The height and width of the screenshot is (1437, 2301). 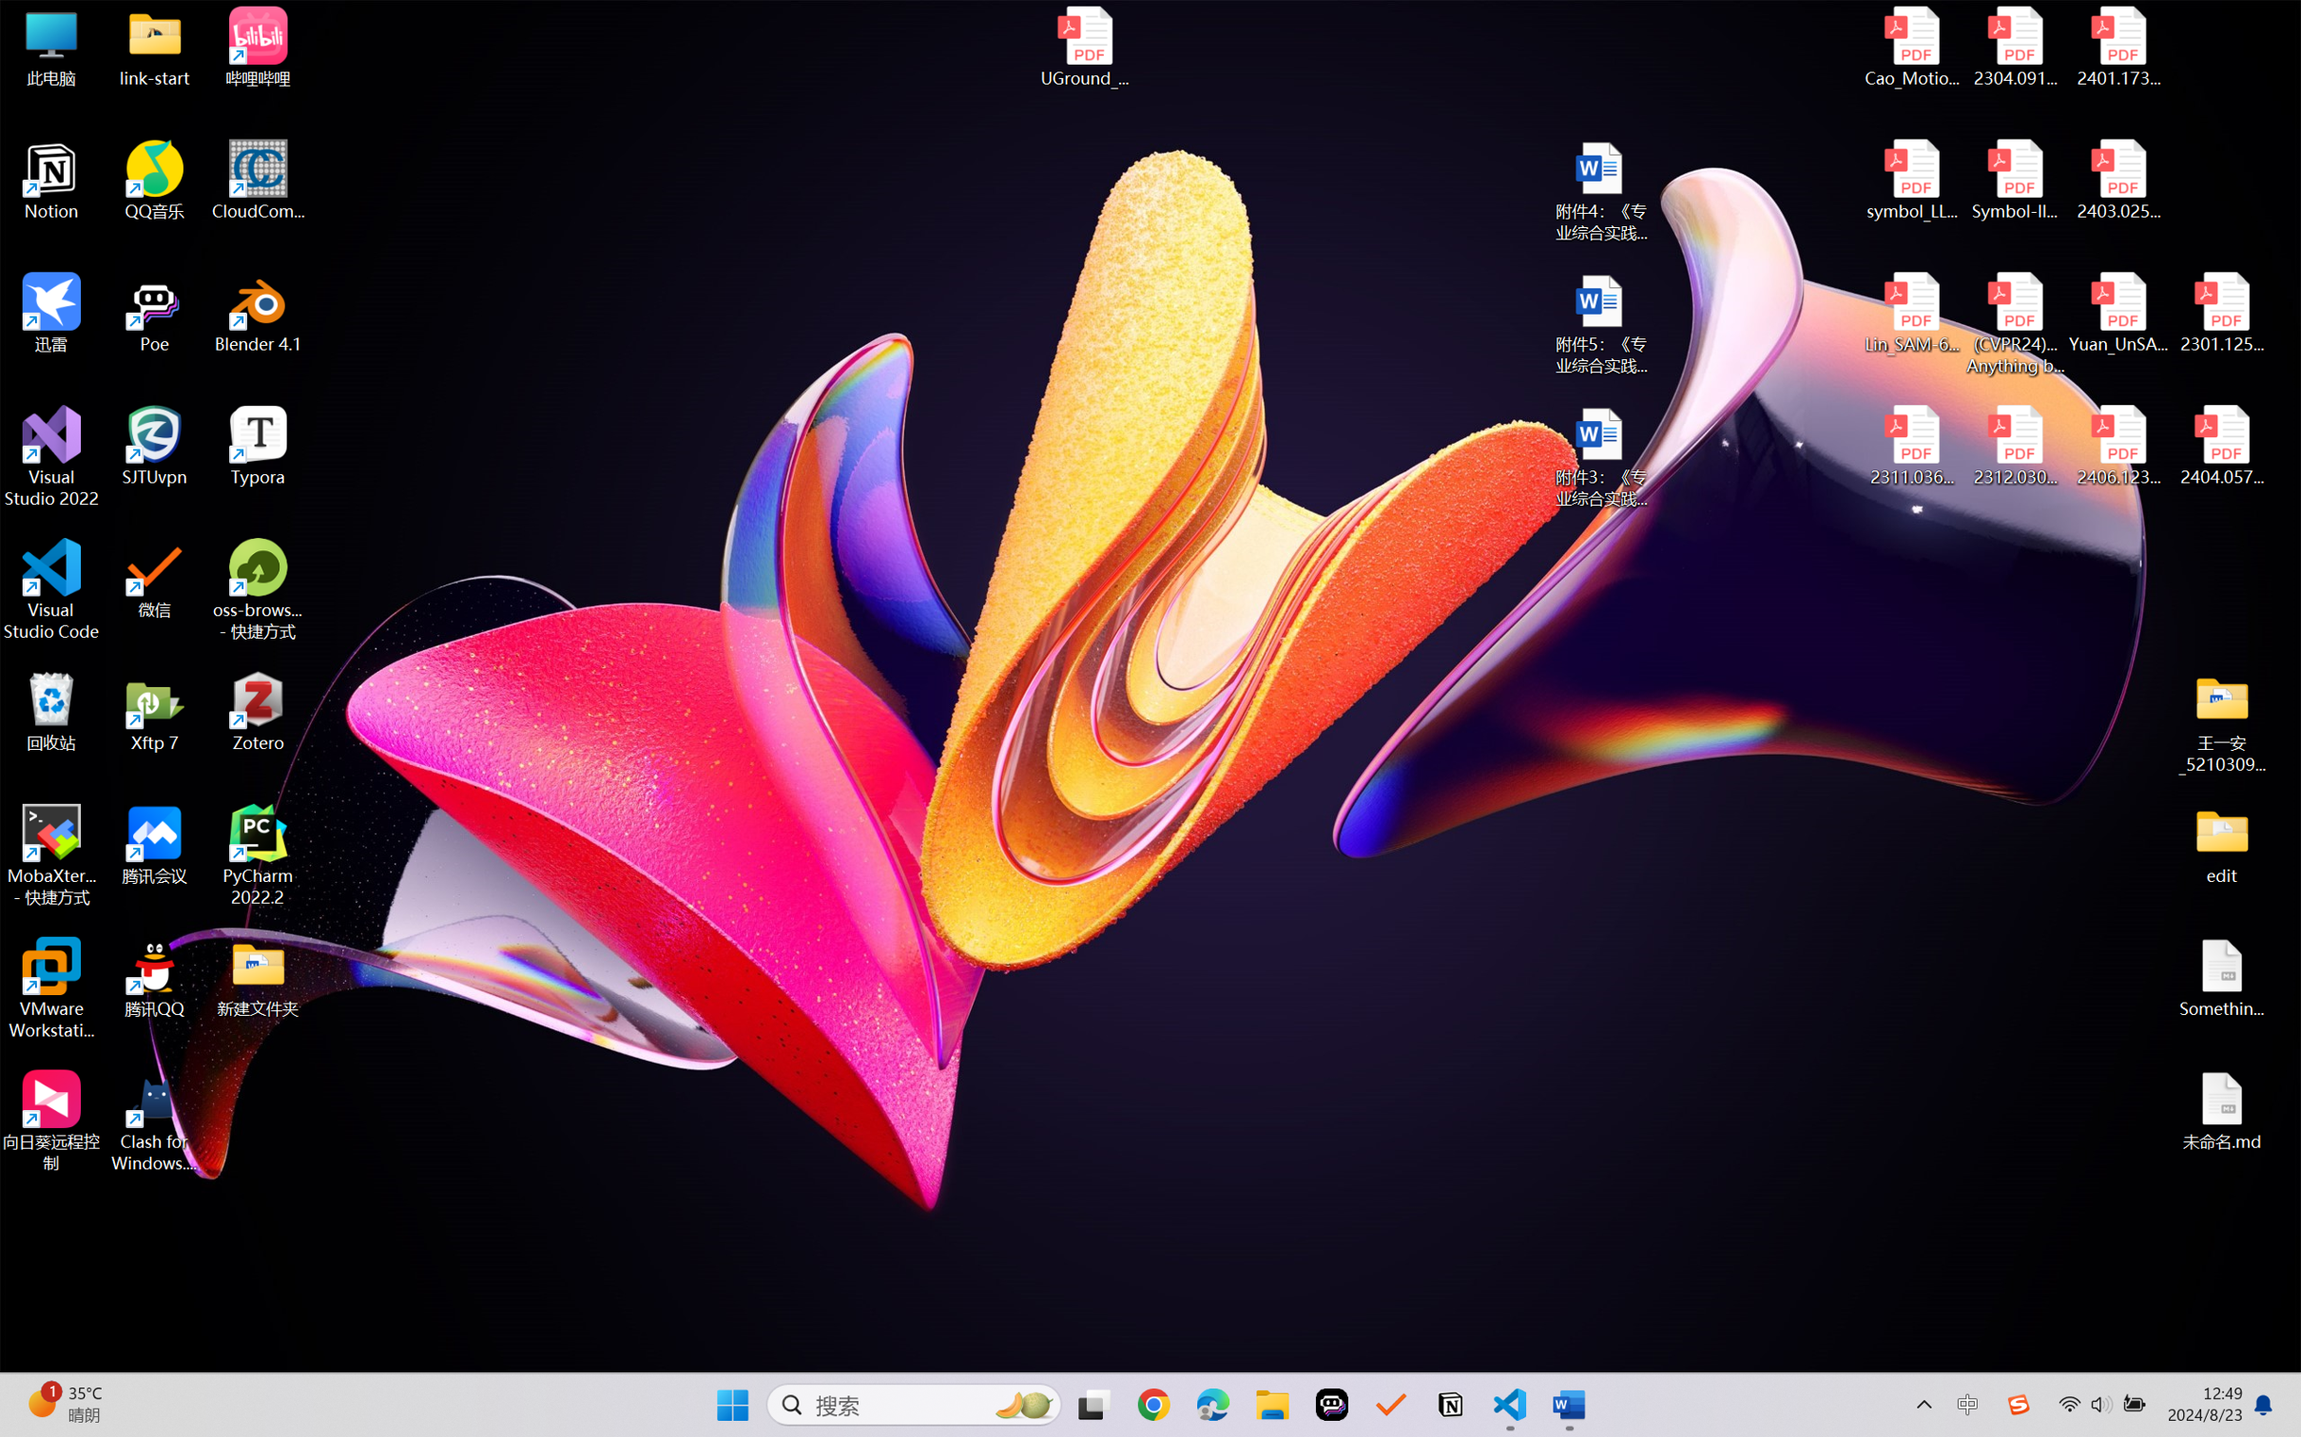 What do you see at coordinates (258, 181) in the screenshot?
I see `'CloudCompare'` at bounding box center [258, 181].